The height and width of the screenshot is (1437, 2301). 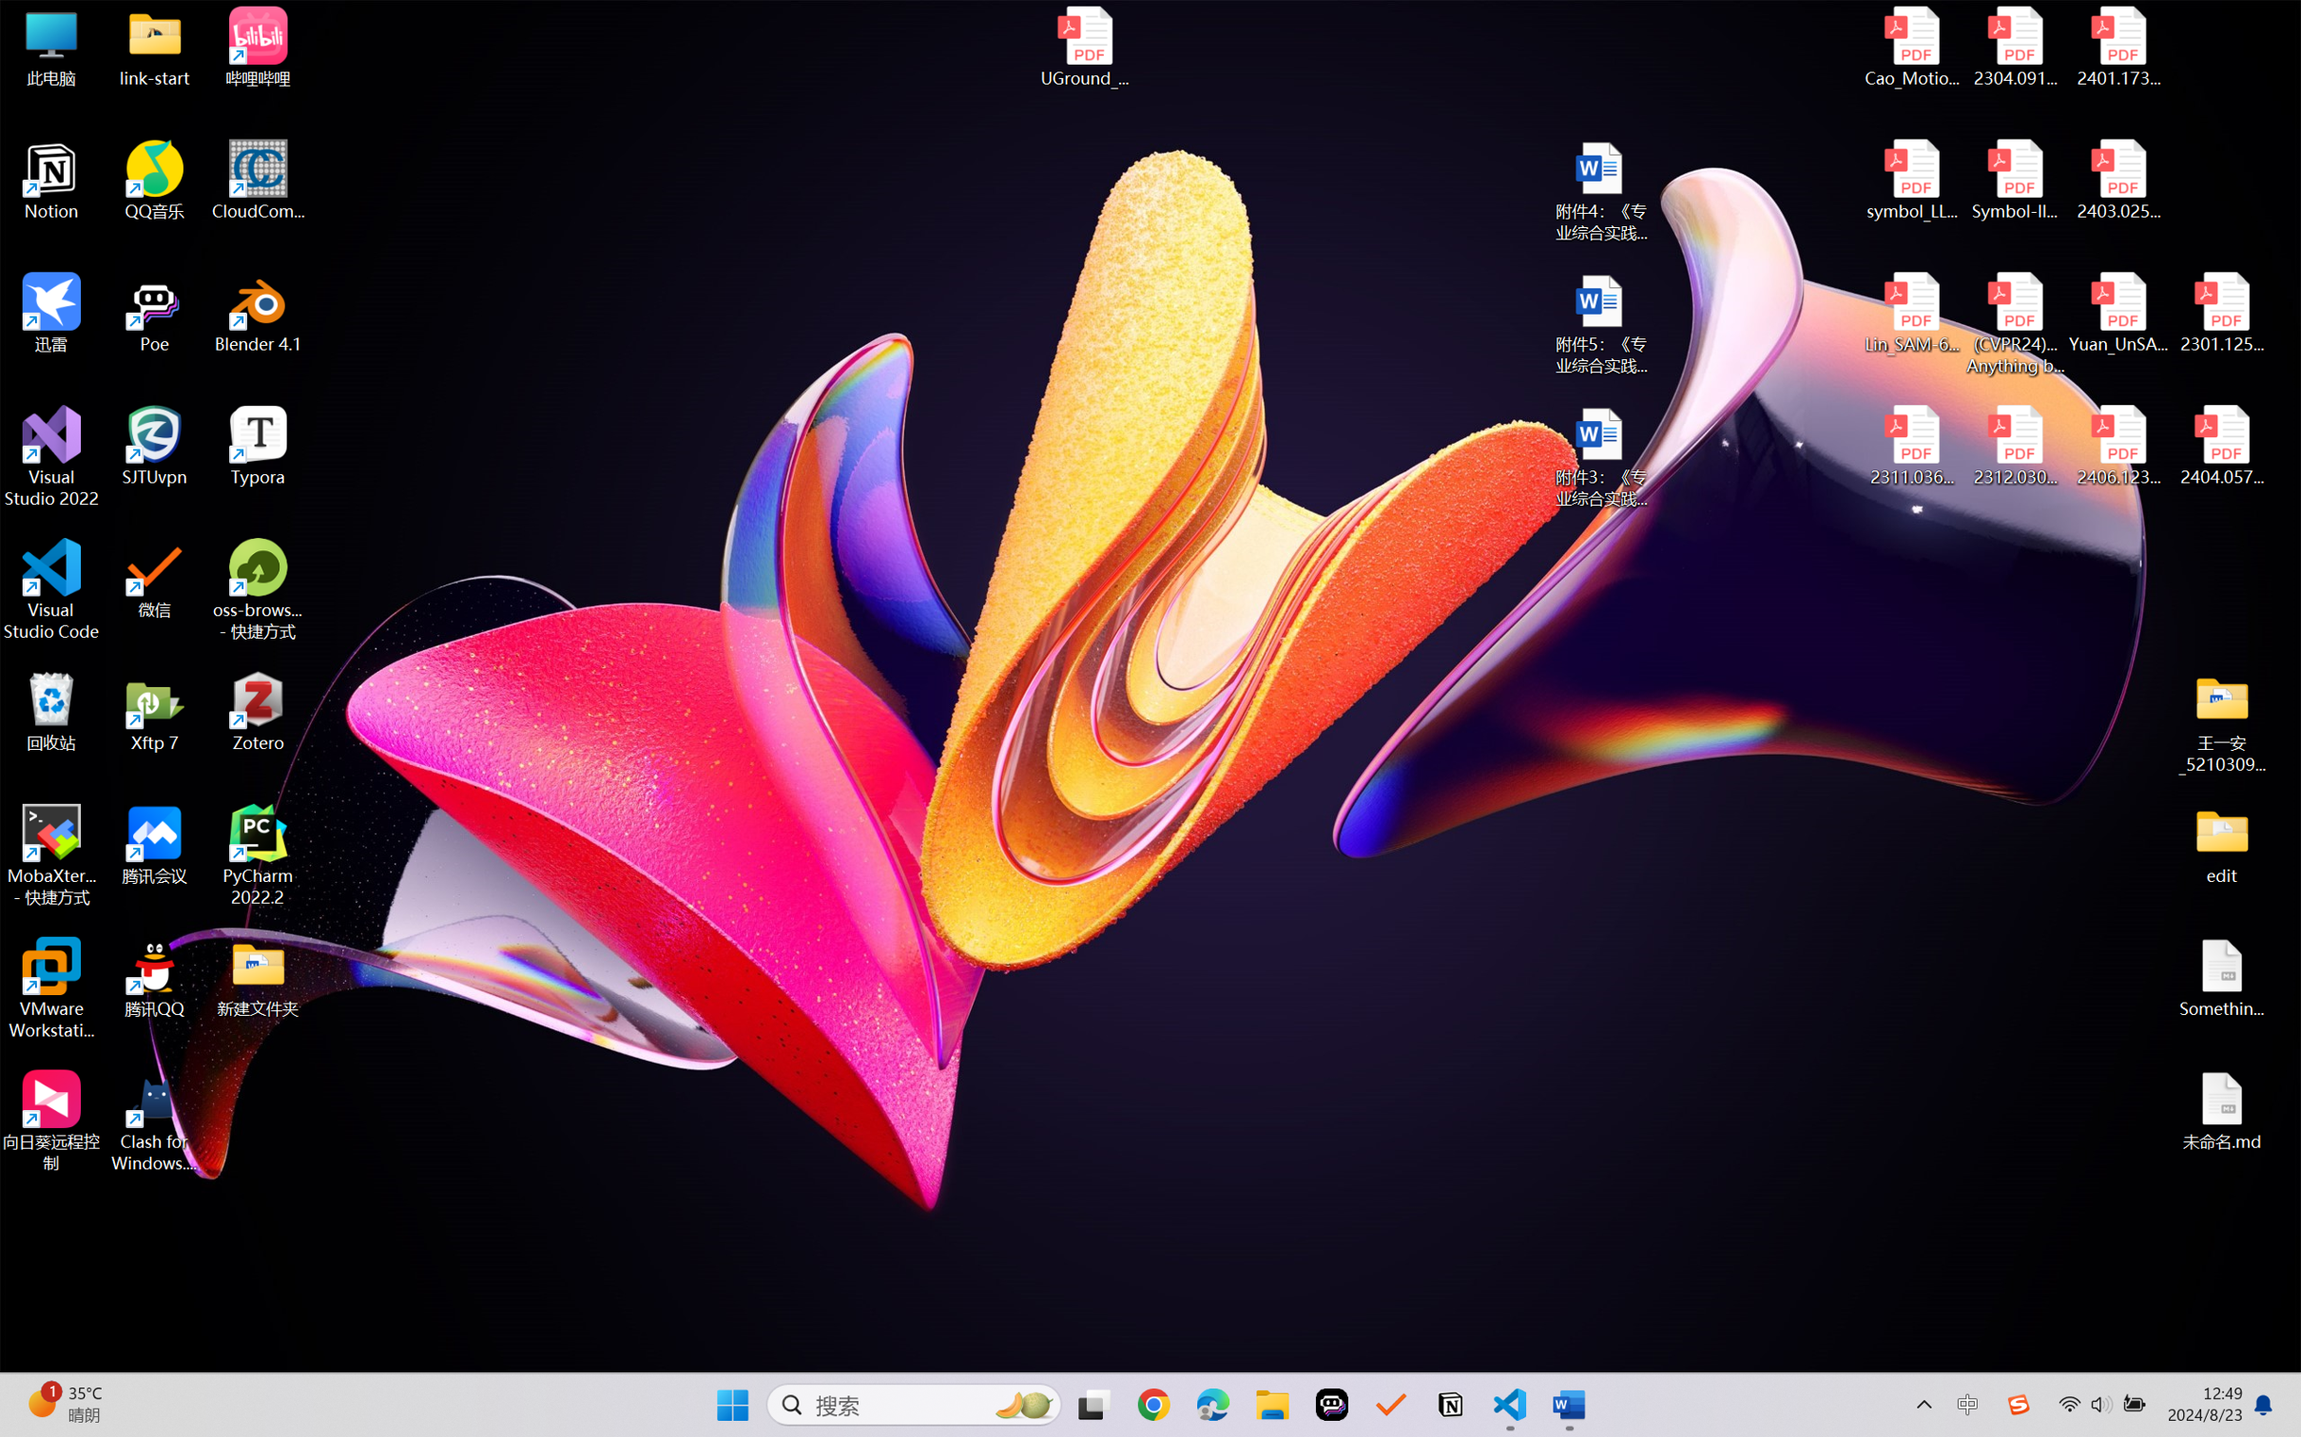 What do you see at coordinates (258, 181) in the screenshot?
I see `'CloudCompare'` at bounding box center [258, 181].